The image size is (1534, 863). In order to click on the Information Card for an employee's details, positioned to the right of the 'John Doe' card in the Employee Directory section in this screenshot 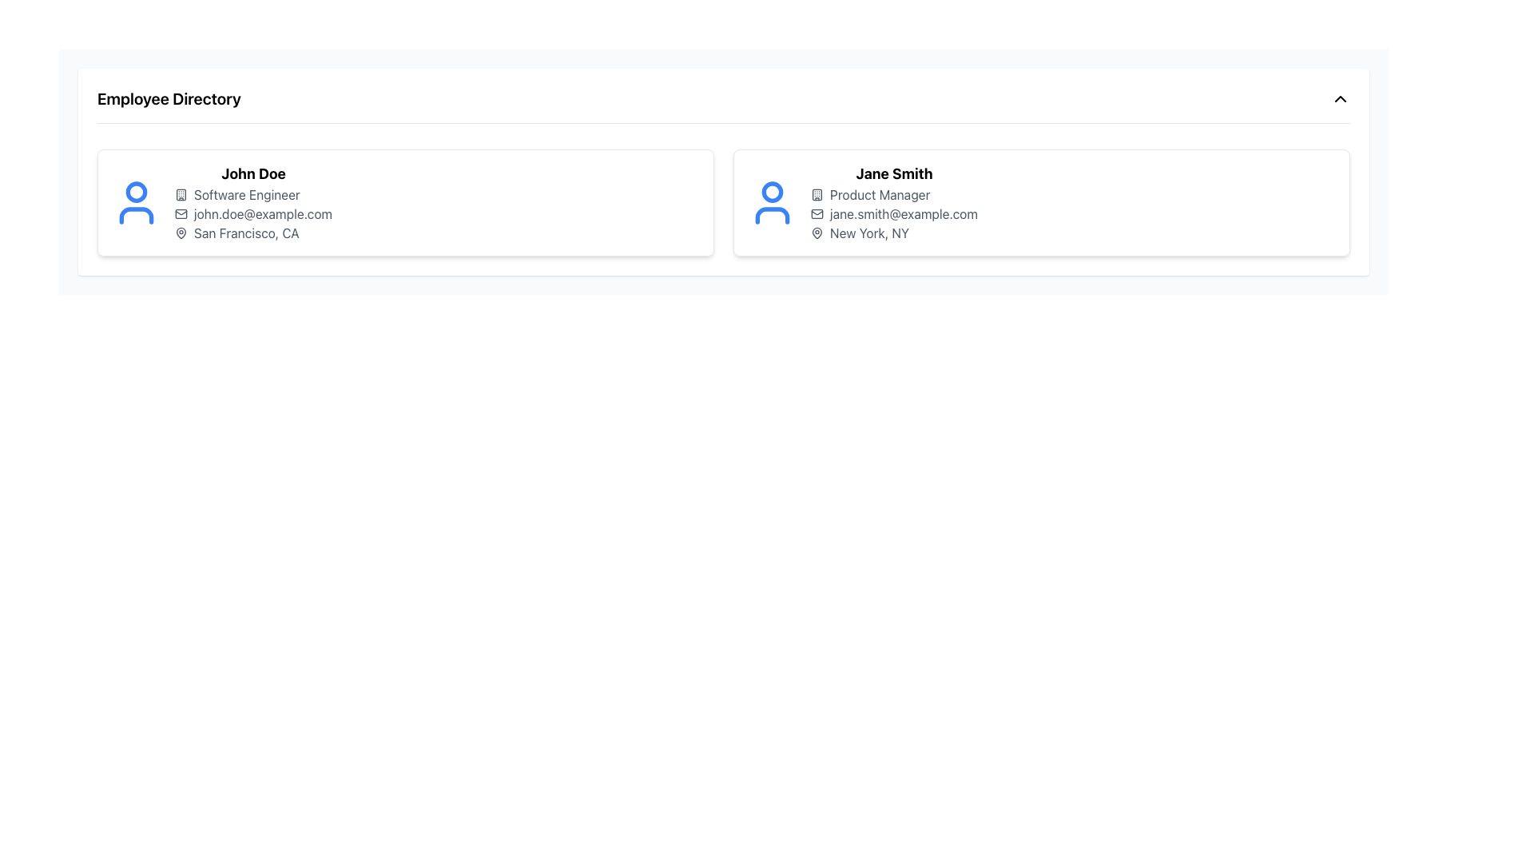, I will do `click(1042, 202)`.